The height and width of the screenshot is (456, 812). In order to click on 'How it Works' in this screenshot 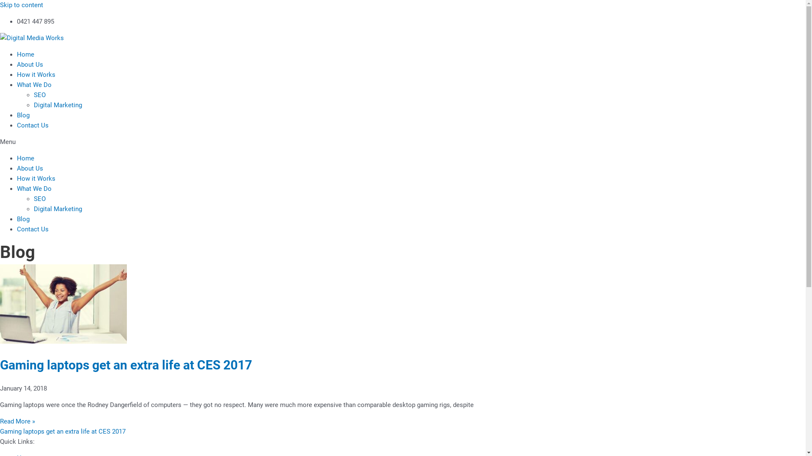, I will do `click(36, 74)`.